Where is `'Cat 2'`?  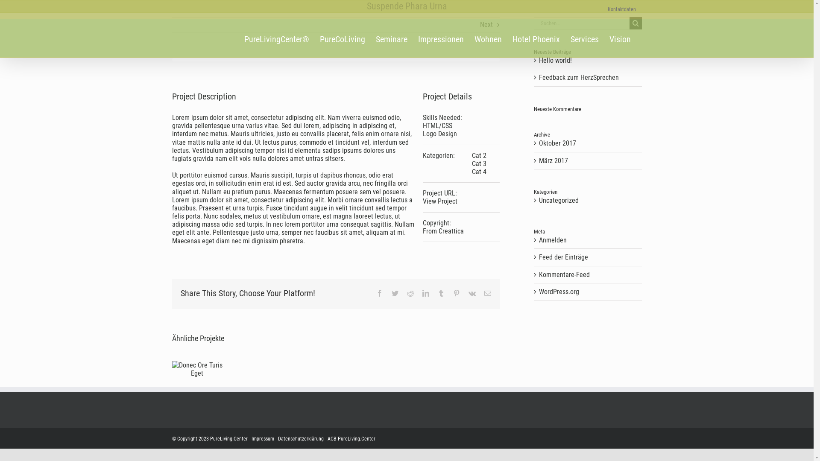 'Cat 2' is located at coordinates (479, 155).